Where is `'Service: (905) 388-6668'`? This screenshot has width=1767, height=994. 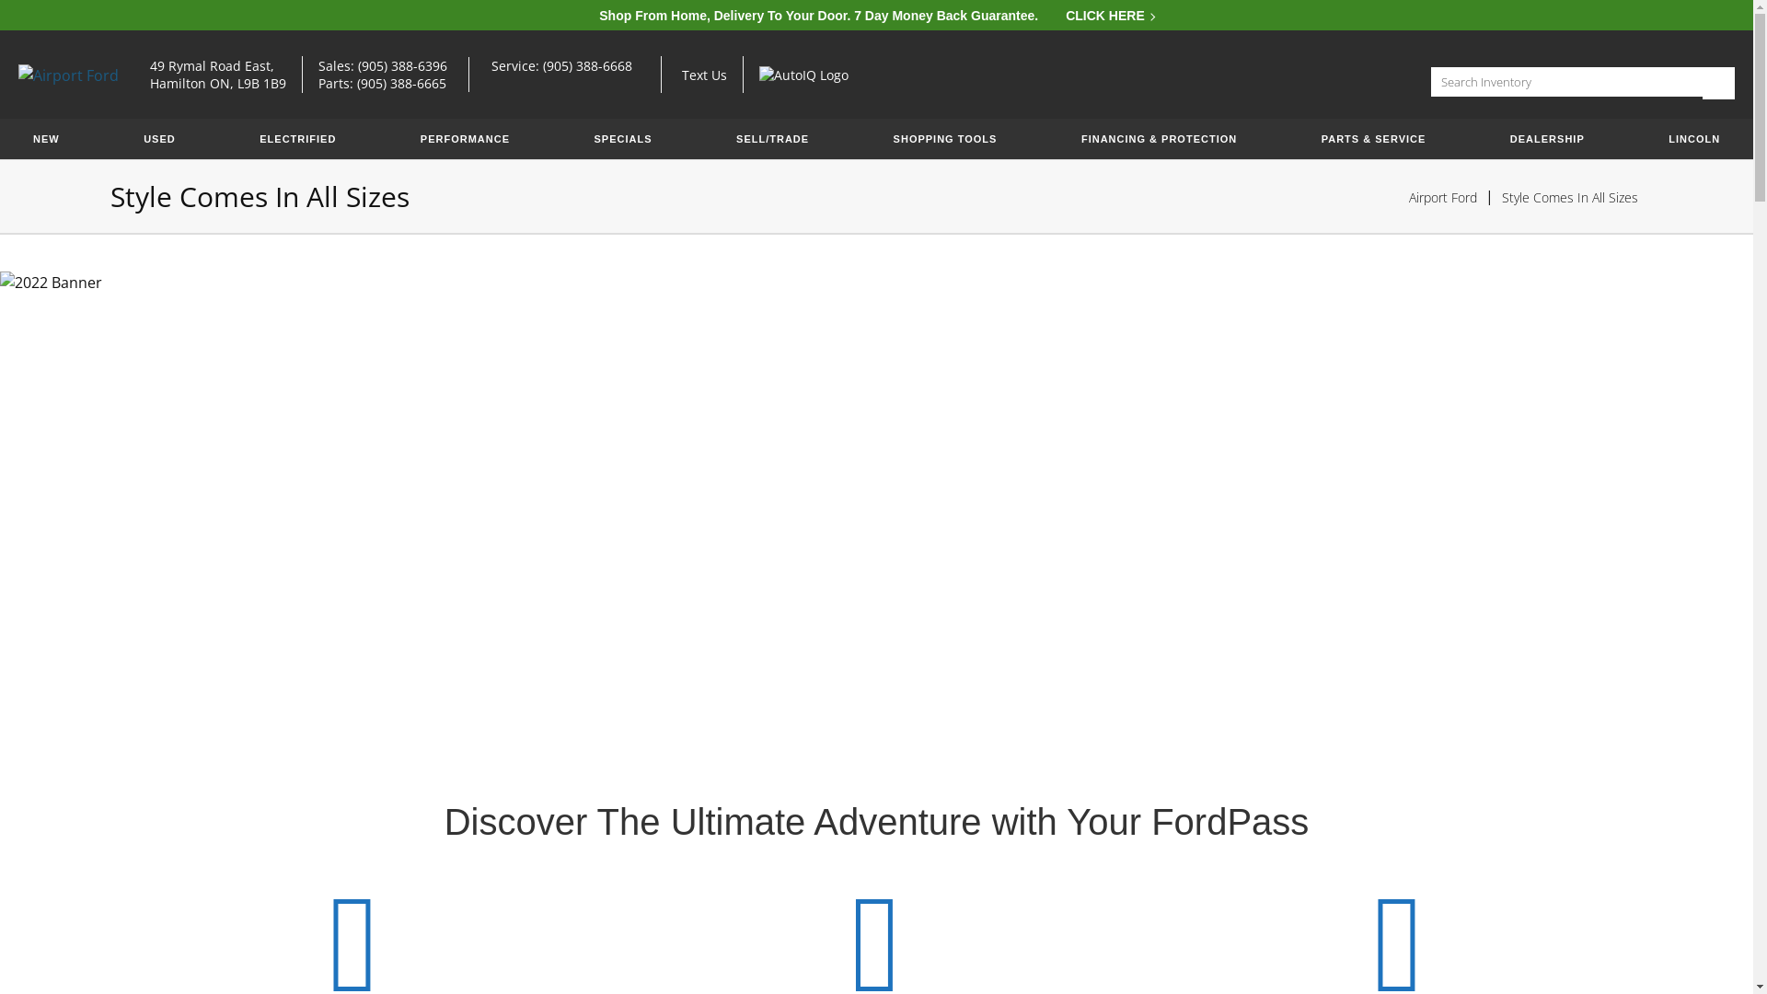 'Service: (905) 388-6668' is located at coordinates (568, 64).